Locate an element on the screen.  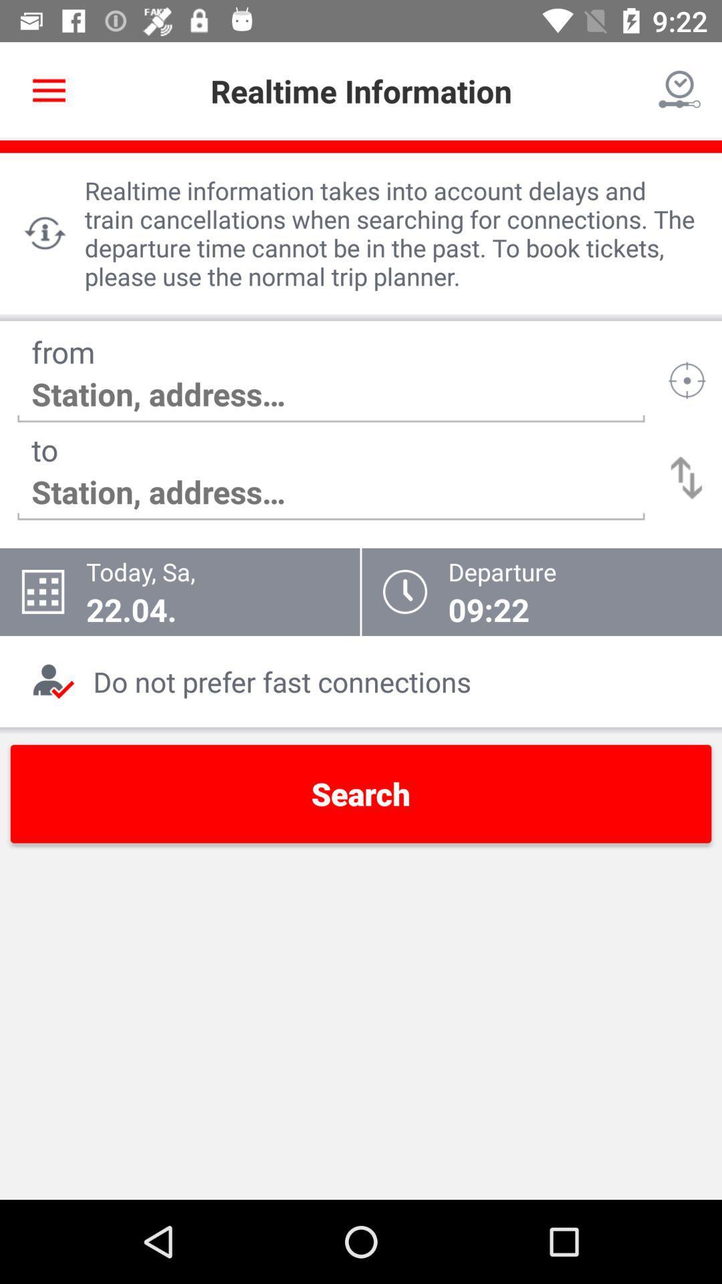
the icon in the bottom left corner is located at coordinates (53, 681).